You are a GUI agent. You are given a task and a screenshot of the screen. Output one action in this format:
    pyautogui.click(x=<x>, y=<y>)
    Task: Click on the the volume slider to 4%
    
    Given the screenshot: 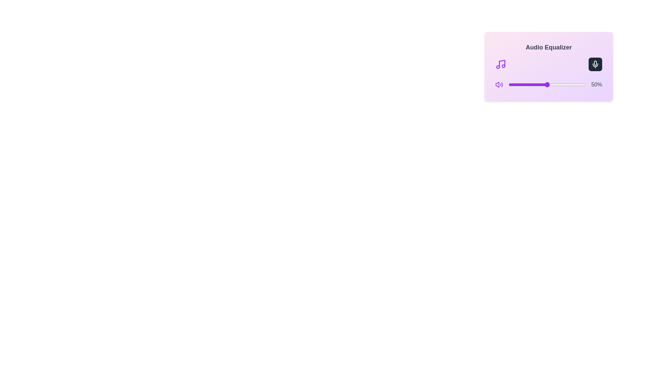 What is the action you would take?
    pyautogui.click(x=512, y=84)
    